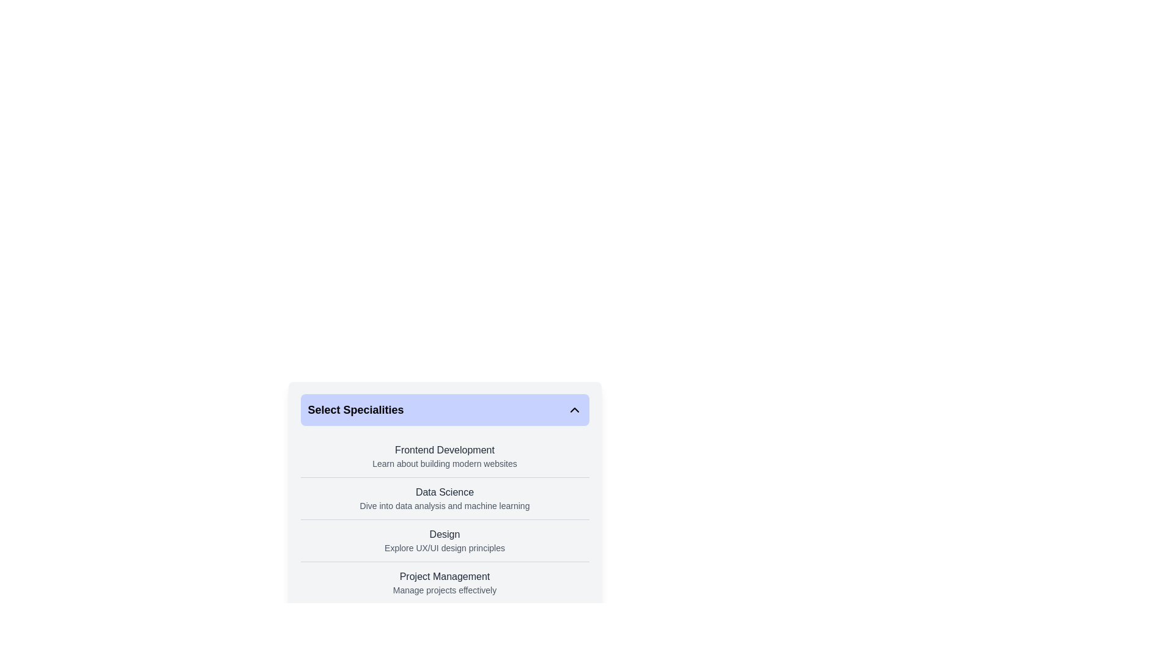 Image resolution: width=1174 pixels, height=660 pixels. What do you see at coordinates (444, 582) in the screenshot?
I see `the fourth item in the dropdown menu labeled 'Project Management'` at bounding box center [444, 582].